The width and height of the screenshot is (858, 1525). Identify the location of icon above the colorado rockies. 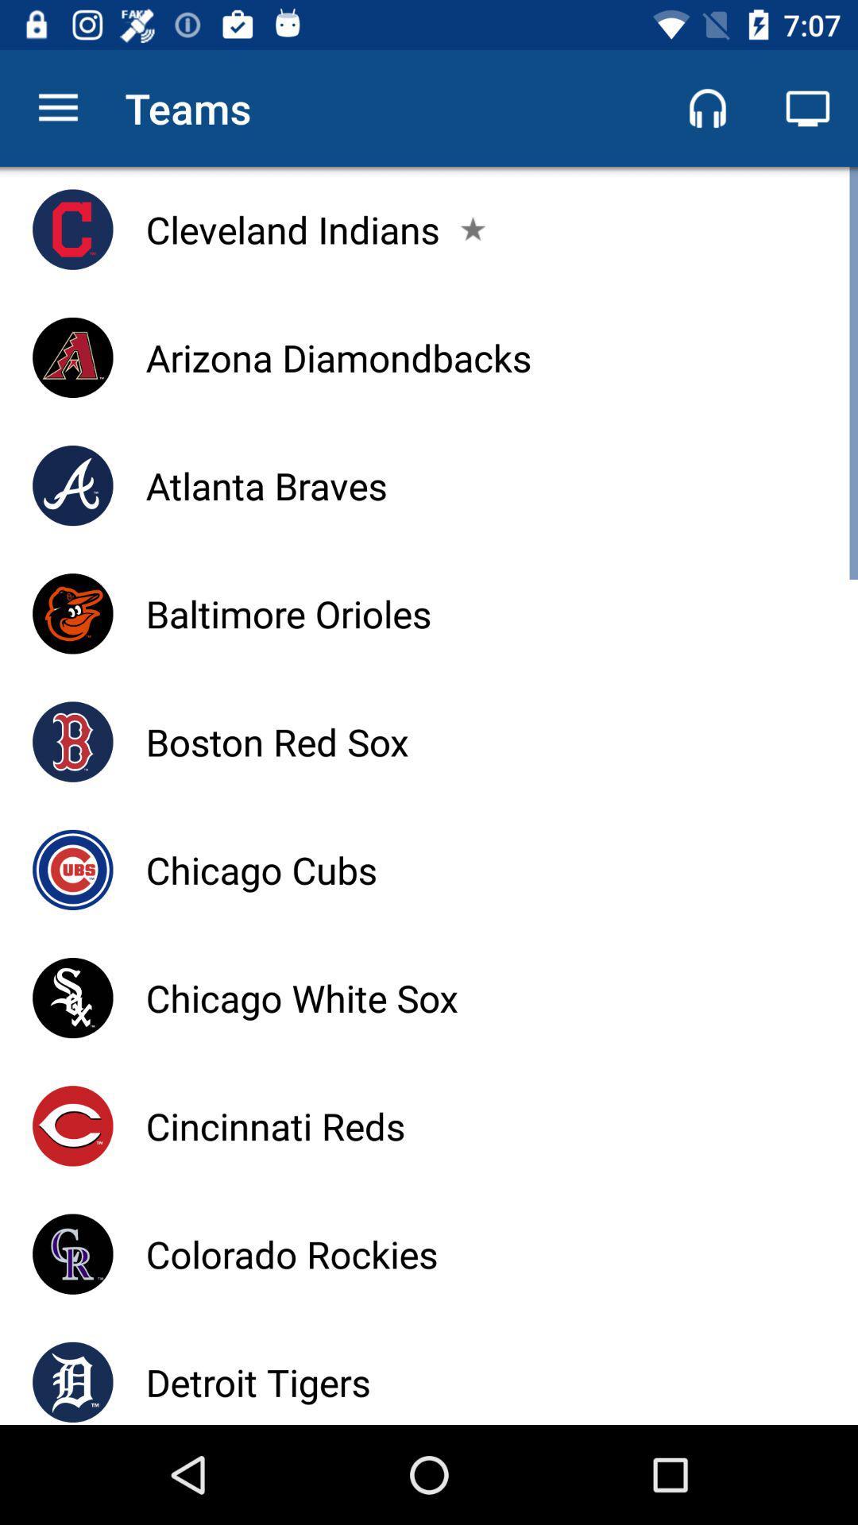
(274, 1125).